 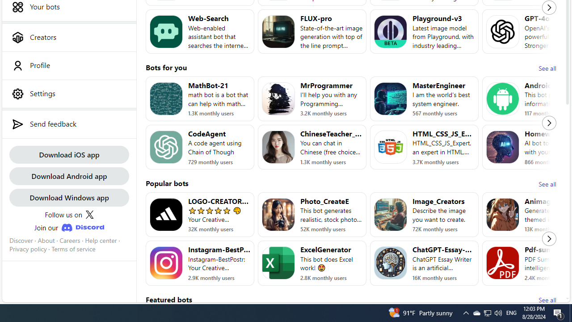 What do you see at coordinates (68, 176) in the screenshot?
I see `'Download Android app'` at bounding box center [68, 176].